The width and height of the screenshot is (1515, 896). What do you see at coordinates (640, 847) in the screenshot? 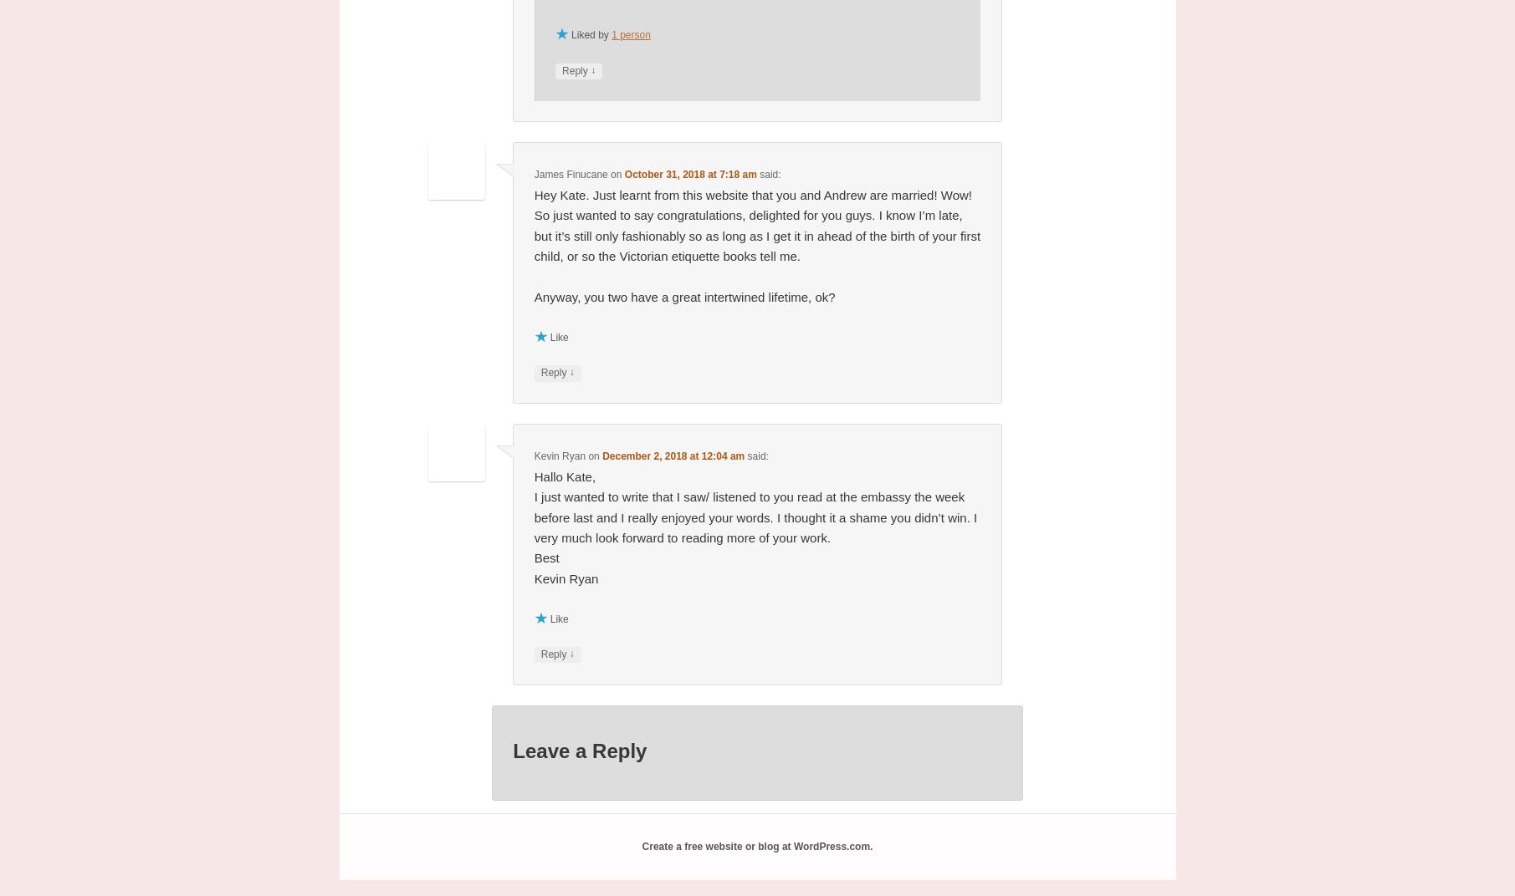
I see `'Create a free website or blog at WordPress.com.'` at bounding box center [640, 847].